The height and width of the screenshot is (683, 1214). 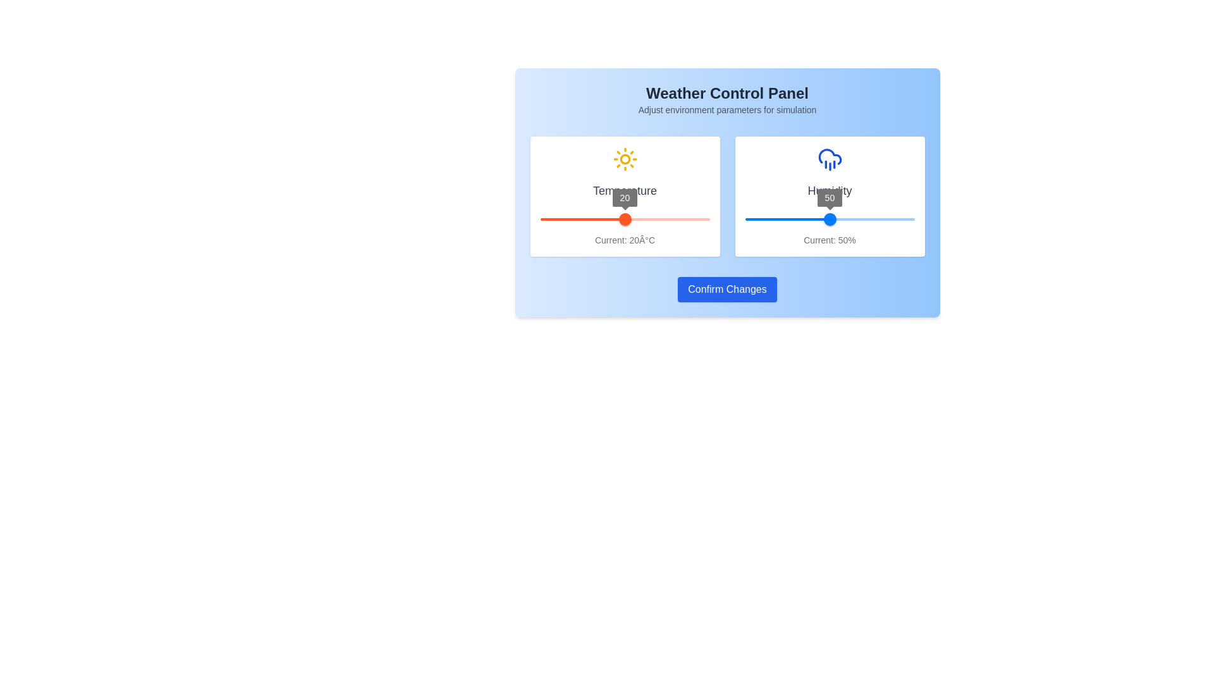 What do you see at coordinates (589, 219) in the screenshot?
I see `the temperature slider` at bounding box center [589, 219].